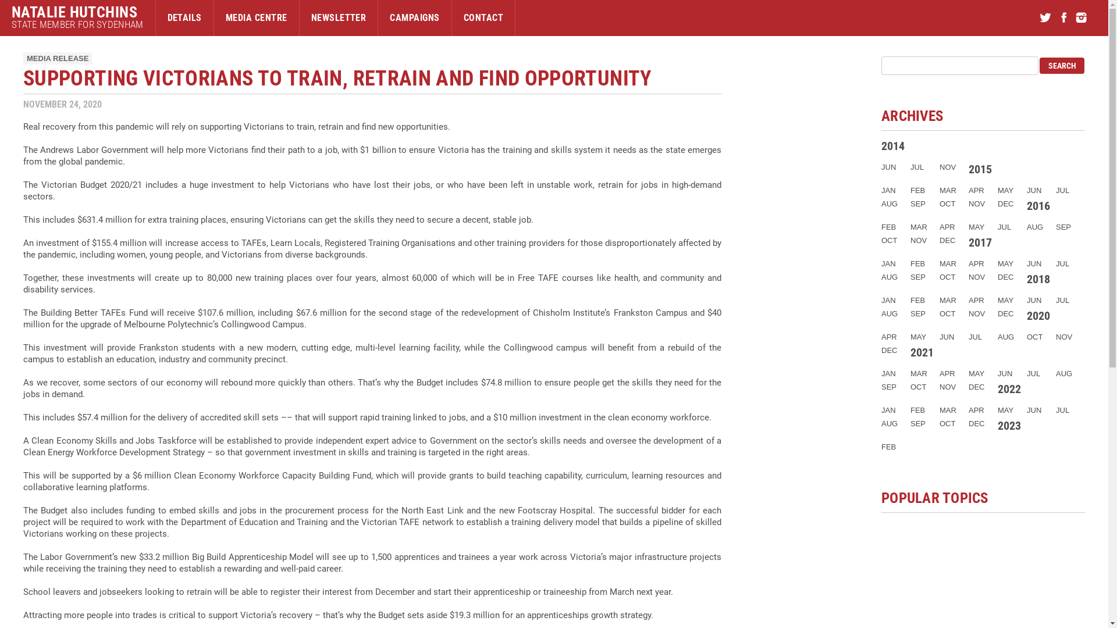 The width and height of the screenshot is (1117, 628). I want to click on 'STATE MEMBER FOR SYDENHAM', so click(77, 24).